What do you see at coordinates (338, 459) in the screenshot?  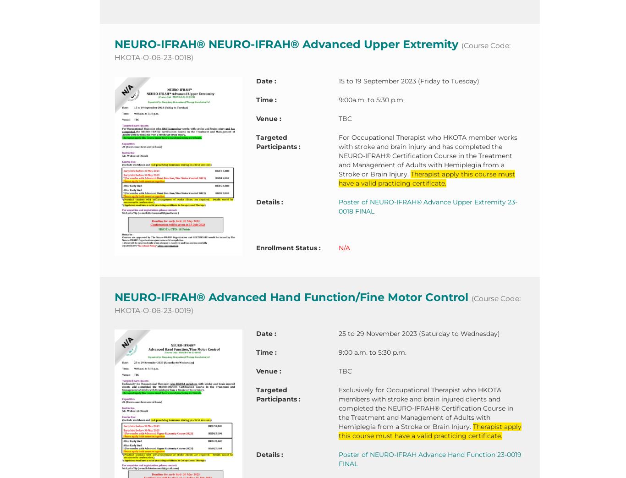 I see `'Poster of NEURO-IFRAH Advance Hand Function 23-0019 FINAL'` at bounding box center [338, 459].